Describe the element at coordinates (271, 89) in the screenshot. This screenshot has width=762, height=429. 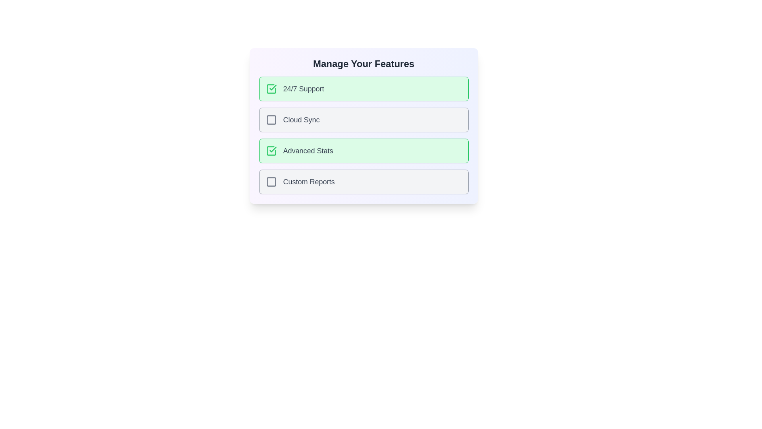
I see `the Checkbox icon for '24/7 Support'` at that location.